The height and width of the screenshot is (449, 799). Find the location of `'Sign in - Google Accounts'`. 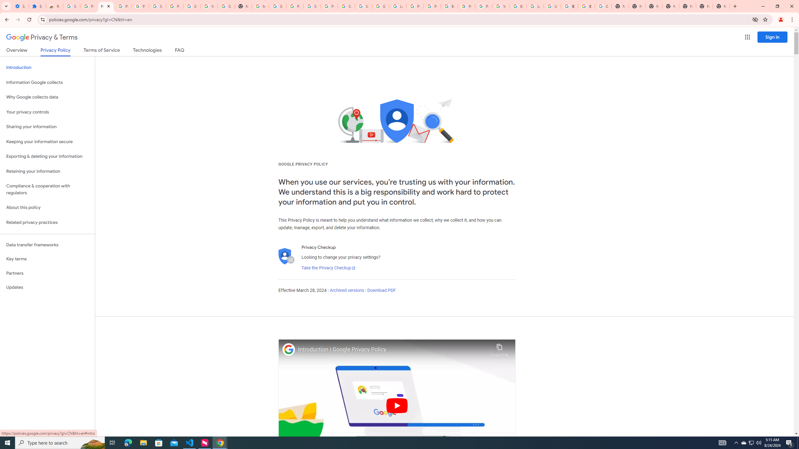

'Sign in - Google Accounts' is located at coordinates (346, 6).